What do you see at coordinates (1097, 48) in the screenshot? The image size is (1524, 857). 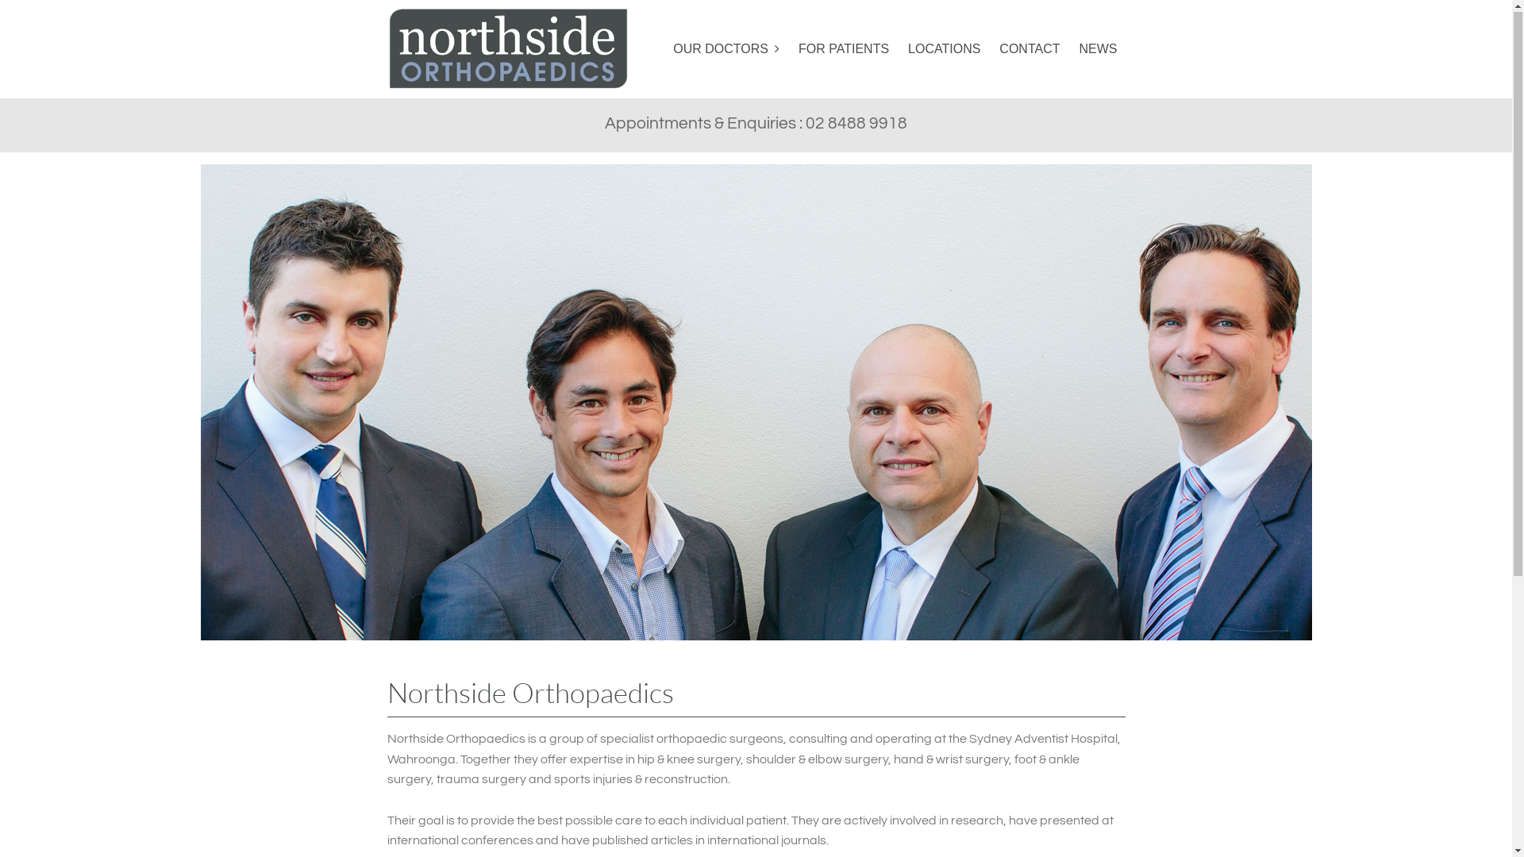 I see `'NEWS'` at bounding box center [1097, 48].